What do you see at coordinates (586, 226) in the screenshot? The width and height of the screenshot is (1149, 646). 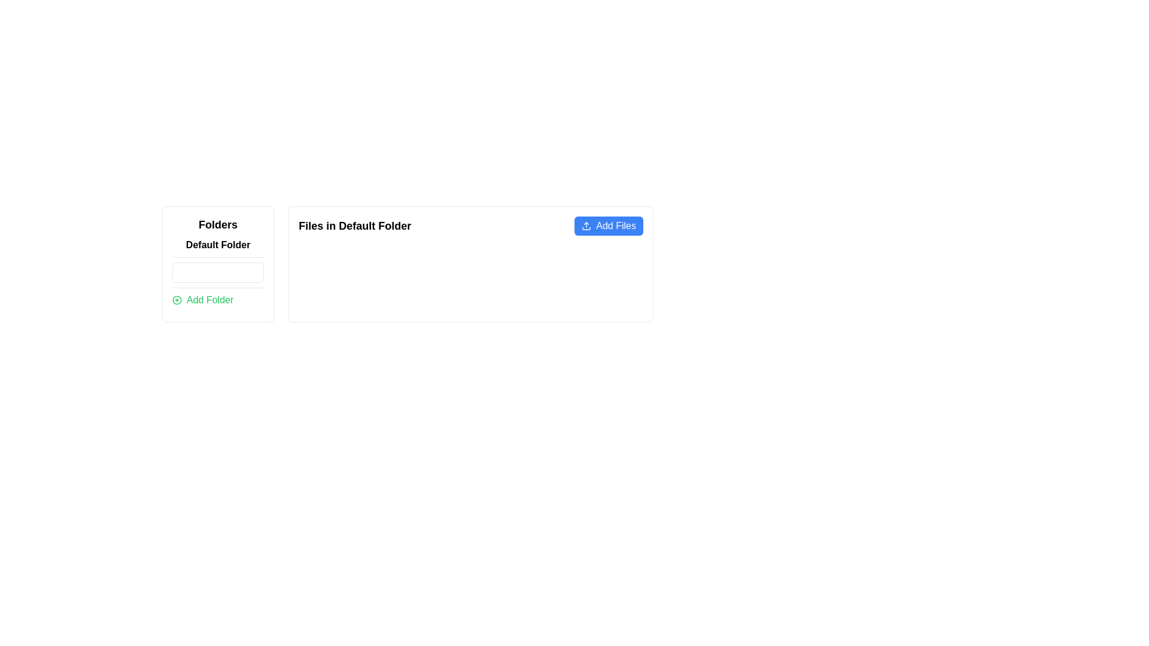 I see `the 'Add Files' button which contains an upward-pointing arrow icon for uploading files` at bounding box center [586, 226].